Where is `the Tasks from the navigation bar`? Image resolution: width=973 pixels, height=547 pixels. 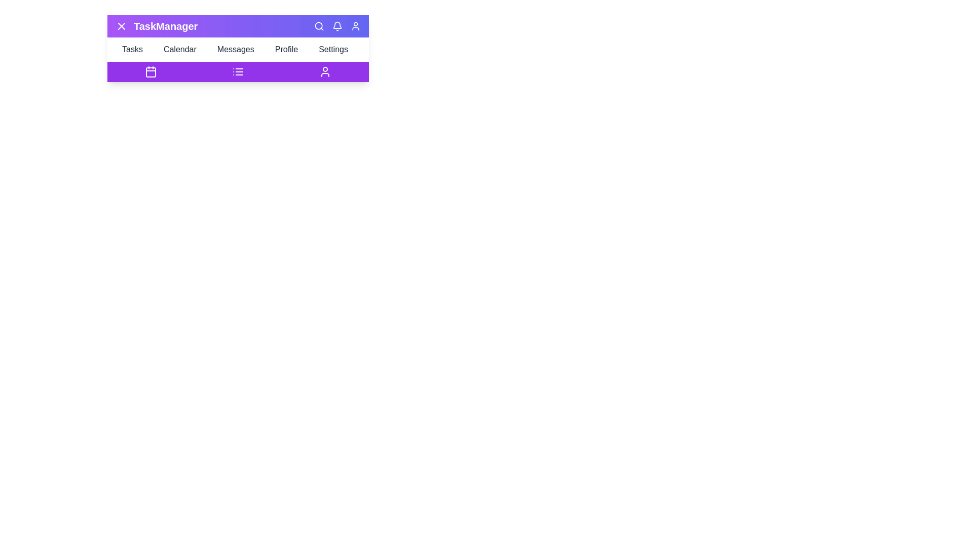
the Tasks from the navigation bar is located at coordinates (135, 49).